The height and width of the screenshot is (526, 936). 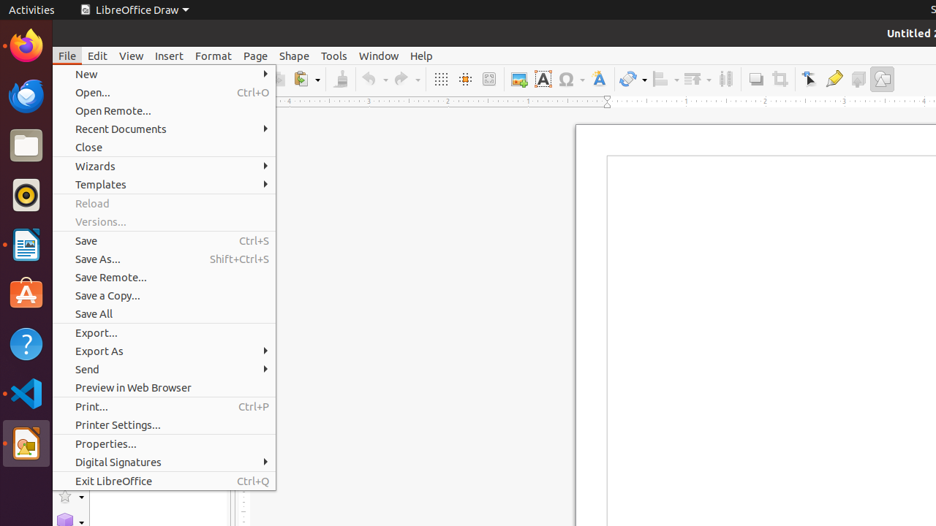 I want to click on 'Shadow', so click(x=755, y=79).